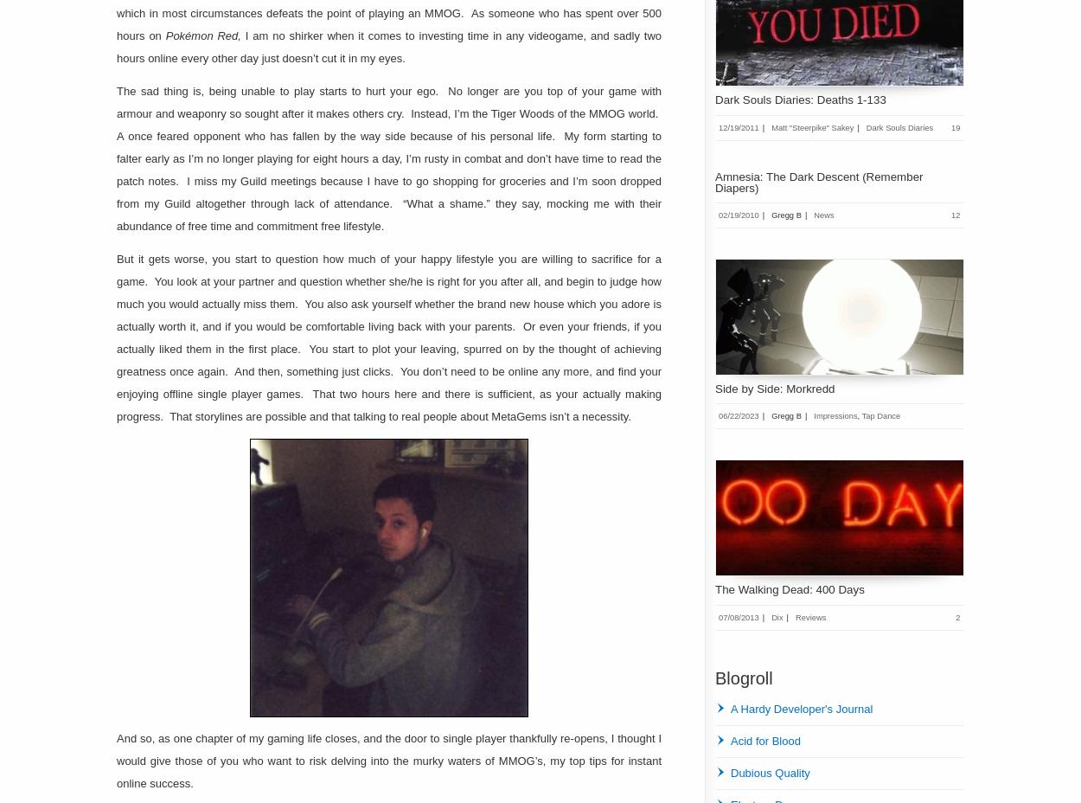 This screenshot has height=803, width=1081. What do you see at coordinates (738, 126) in the screenshot?
I see `'12/19/2011'` at bounding box center [738, 126].